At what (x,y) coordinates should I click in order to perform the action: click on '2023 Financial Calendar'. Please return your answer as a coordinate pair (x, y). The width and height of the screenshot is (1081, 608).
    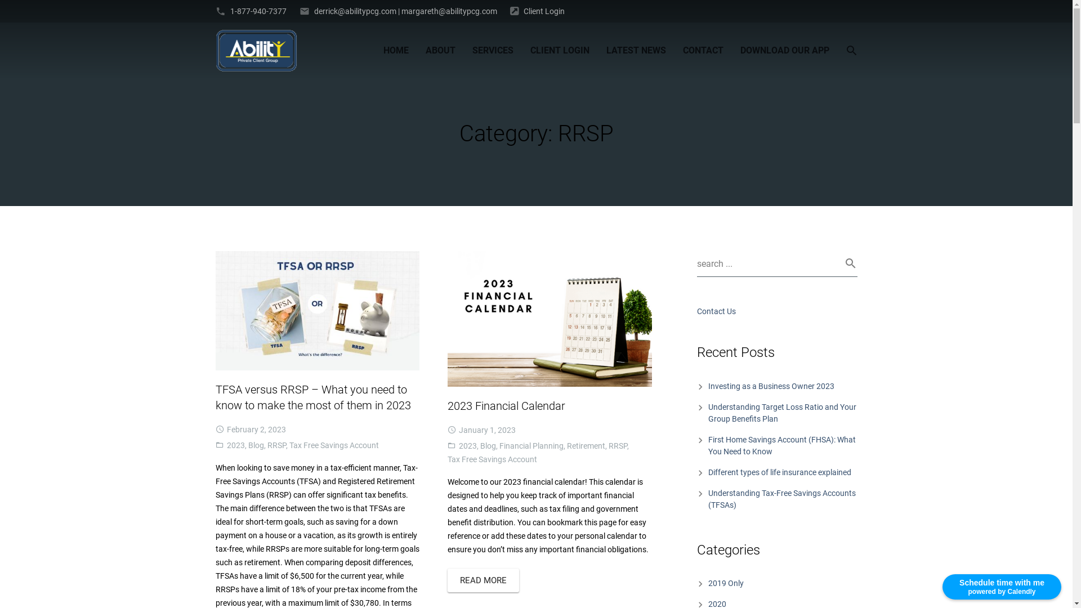
    Looking at the image, I should click on (506, 406).